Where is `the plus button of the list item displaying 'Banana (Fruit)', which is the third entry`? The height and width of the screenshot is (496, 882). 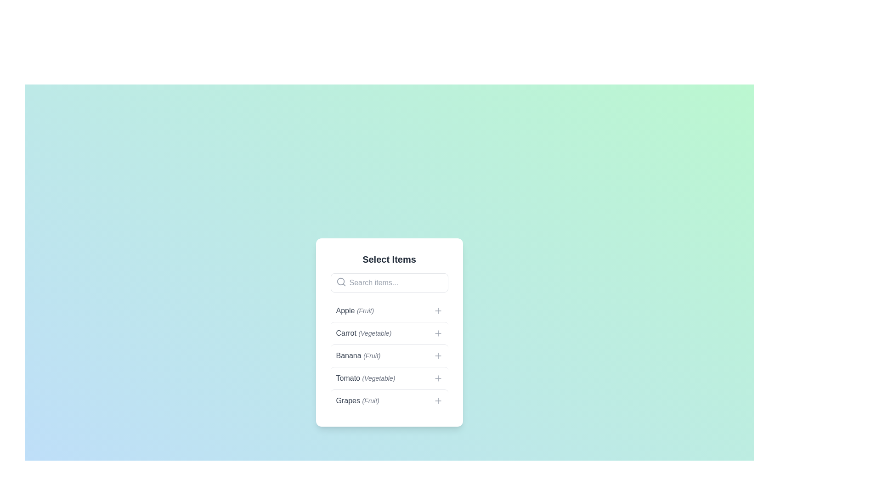 the plus button of the list item displaying 'Banana (Fruit)', which is the third entry is located at coordinates (389, 355).